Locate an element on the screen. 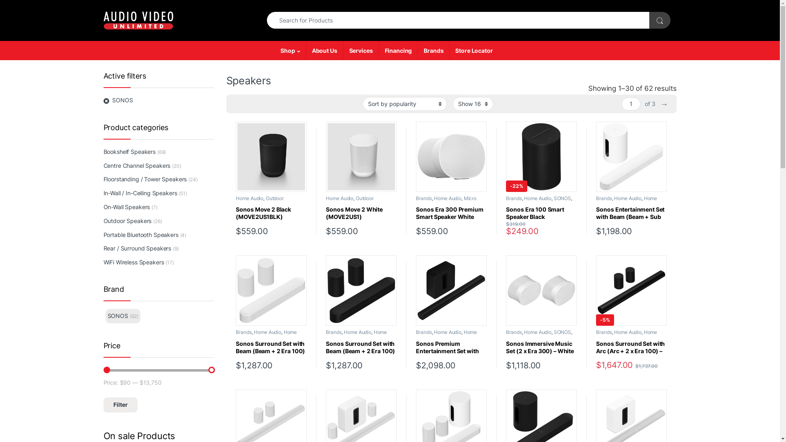  'Financing' is located at coordinates (398, 50).